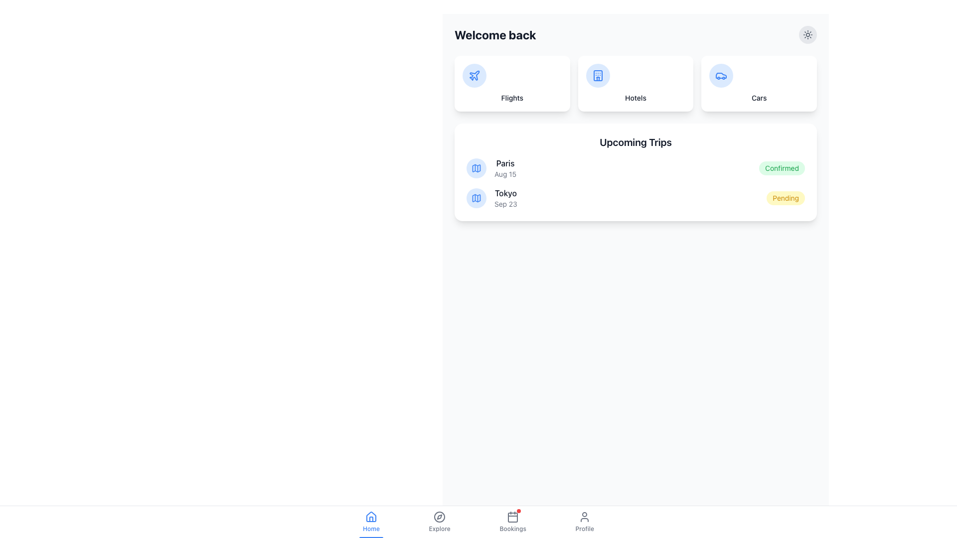 The height and width of the screenshot is (538, 957). I want to click on the label that indicates the card contains functionality or information related to flights, located at the top left of a grid of three cards, below a circular icon of a plane, so click(512, 98).